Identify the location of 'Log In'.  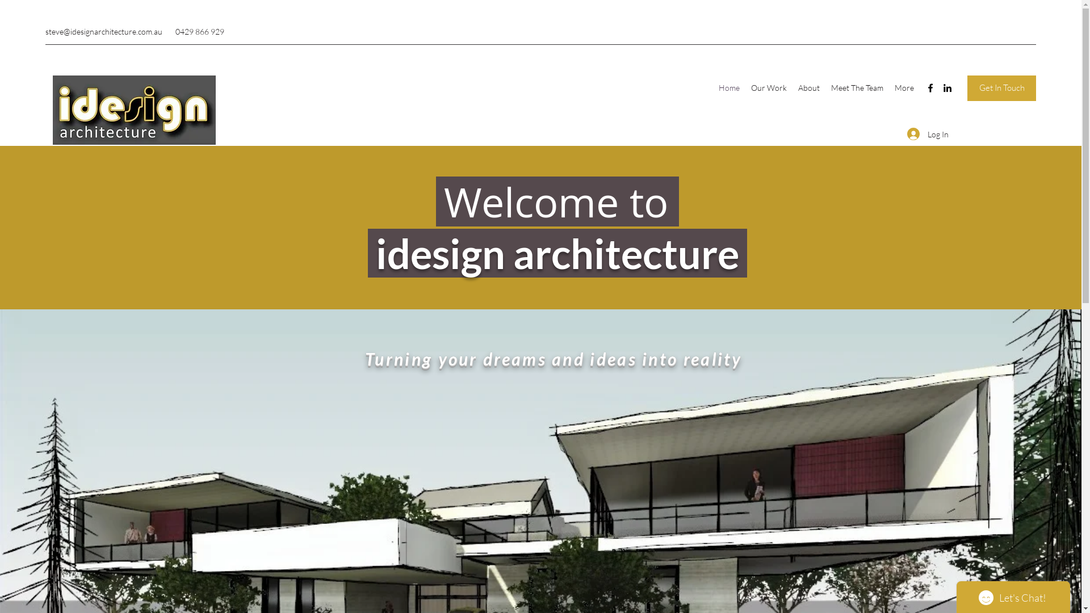
(928, 133).